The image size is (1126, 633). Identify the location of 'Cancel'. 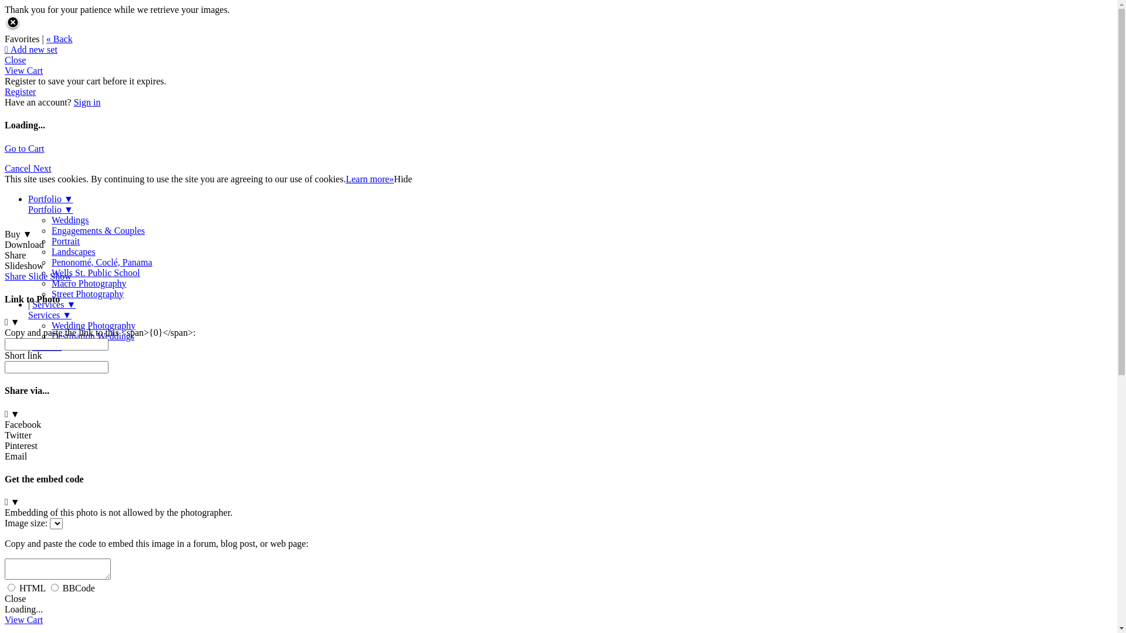
(5, 168).